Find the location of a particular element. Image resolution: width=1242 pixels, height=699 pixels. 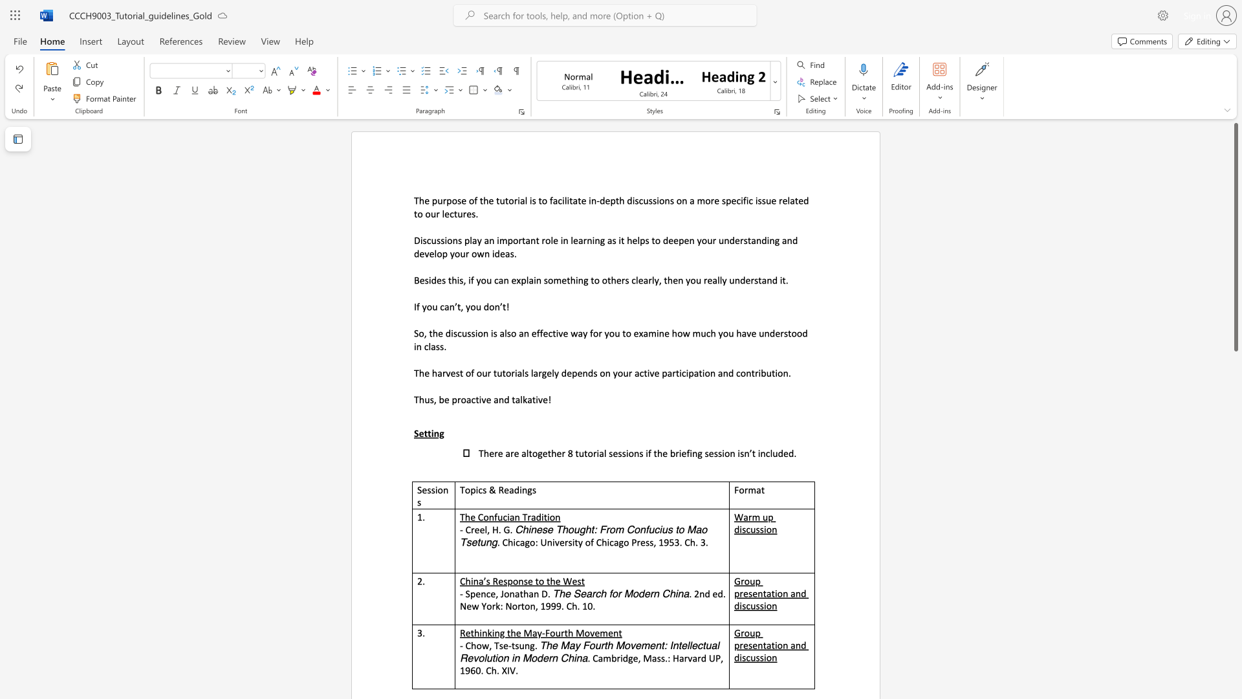

the scrollbar on the right is located at coordinates (1235, 452).